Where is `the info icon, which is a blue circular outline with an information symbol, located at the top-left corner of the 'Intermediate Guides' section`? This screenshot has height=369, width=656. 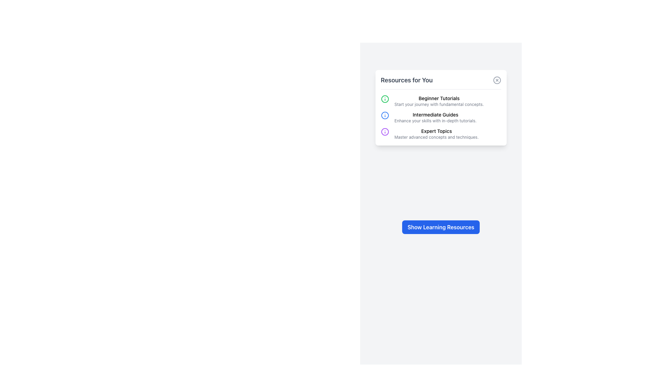 the info icon, which is a blue circular outline with an information symbol, located at the top-left corner of the 'Intermediate Guides' section is located at coordinates (385, 115).